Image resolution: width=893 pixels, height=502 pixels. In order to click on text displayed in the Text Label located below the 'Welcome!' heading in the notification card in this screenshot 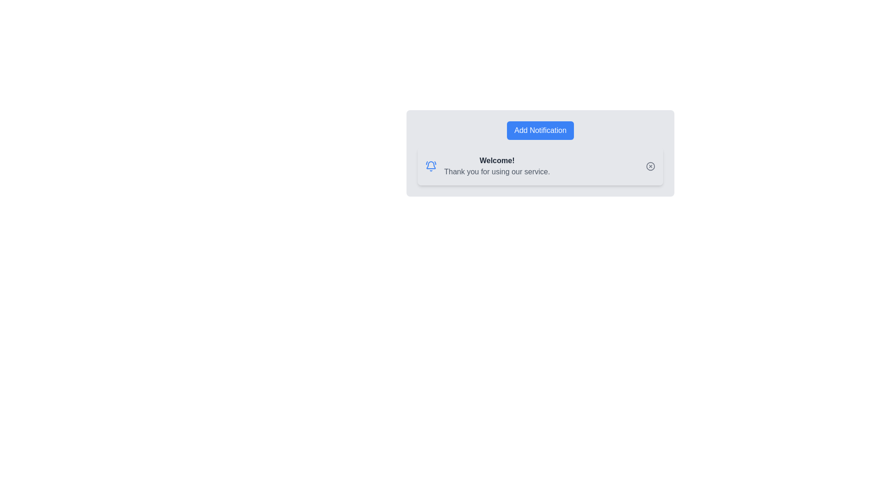, I will do `click(496, 172)`.